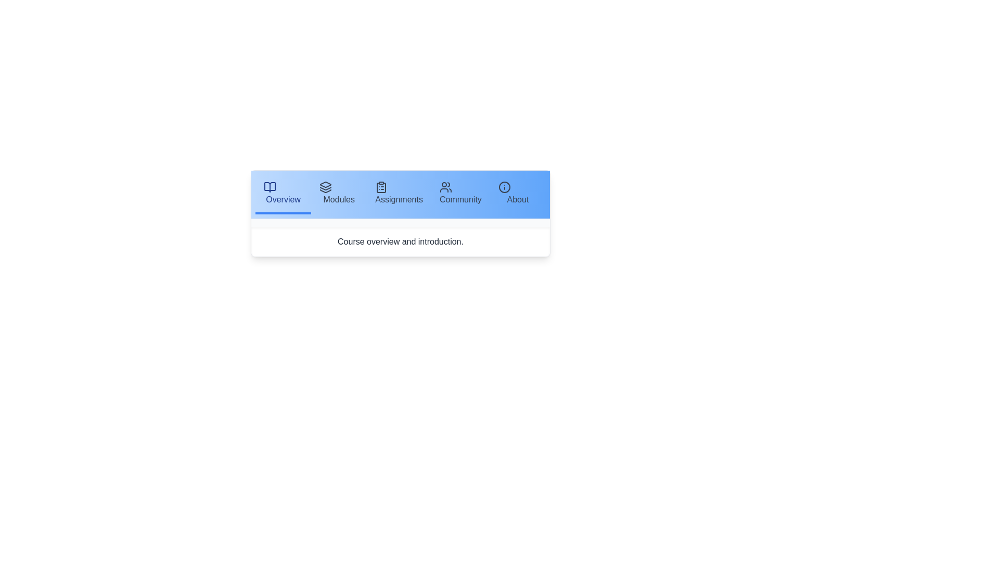  I want to click on the second navigation tab in the horizontal navigation bar, so click(339, 195).